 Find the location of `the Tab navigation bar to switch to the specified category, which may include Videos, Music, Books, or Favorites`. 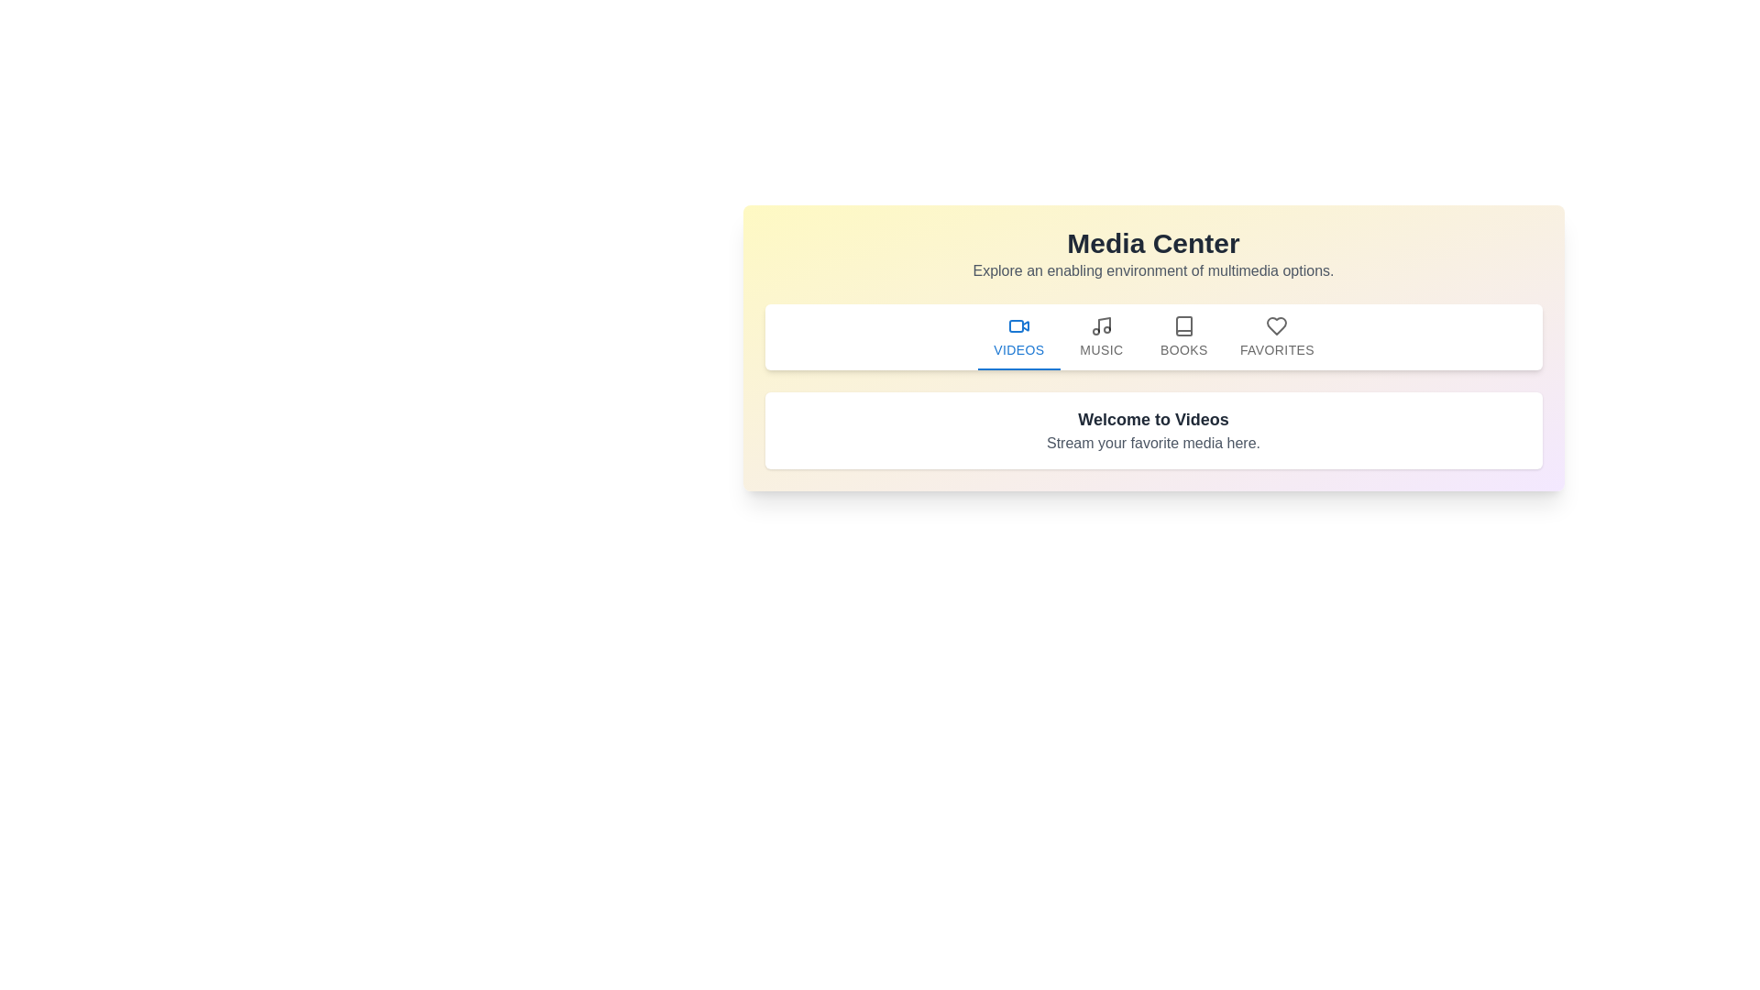

the Tab navigation bar to switch to the specified category, which may include Videos, Music, Books, or Favorites is located at coordinates (1152, 336).